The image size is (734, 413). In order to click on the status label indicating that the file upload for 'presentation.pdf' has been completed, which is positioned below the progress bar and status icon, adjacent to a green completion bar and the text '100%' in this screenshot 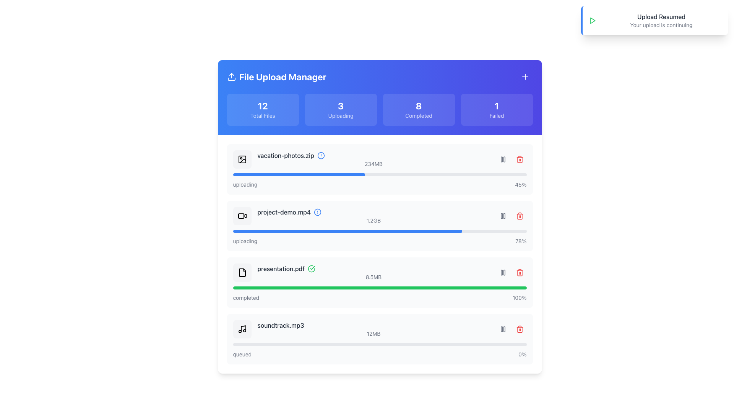, I will do `click(246, 298)`.